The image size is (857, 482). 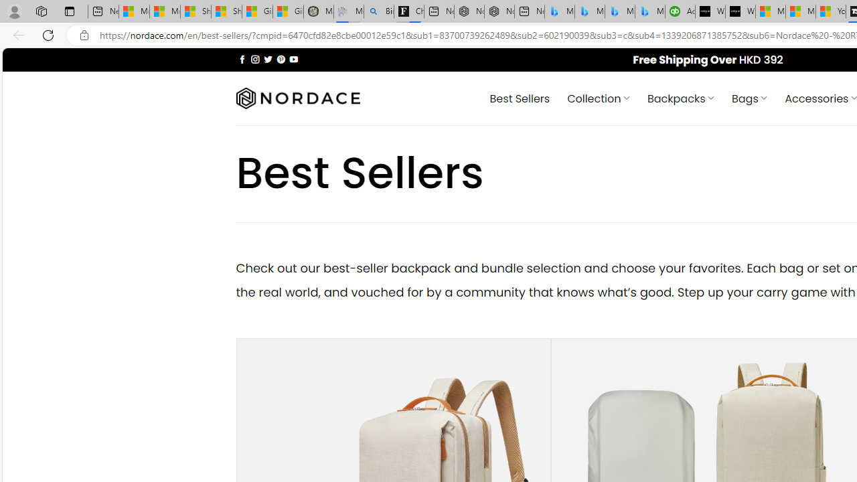 What do you see at coordinates (318, 11) in the screenshot?
I see `'Manatee Mortality Statistics | FWC'` at bounding box center [318, 11].